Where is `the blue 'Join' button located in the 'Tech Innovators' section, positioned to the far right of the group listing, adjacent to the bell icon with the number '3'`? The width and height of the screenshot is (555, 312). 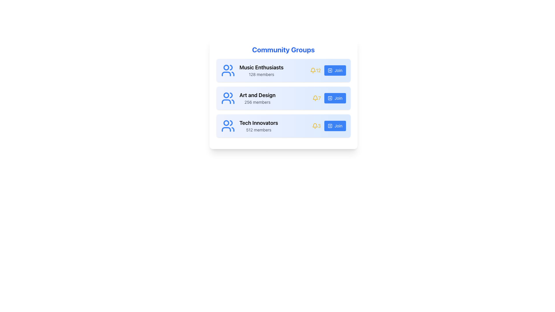
the blue 'Join' button located in the 'Tech Innovators' section, positioned to the far right of the group listing, adjacent to the bell icon with the number '3' is located at coordinates (329, 125).